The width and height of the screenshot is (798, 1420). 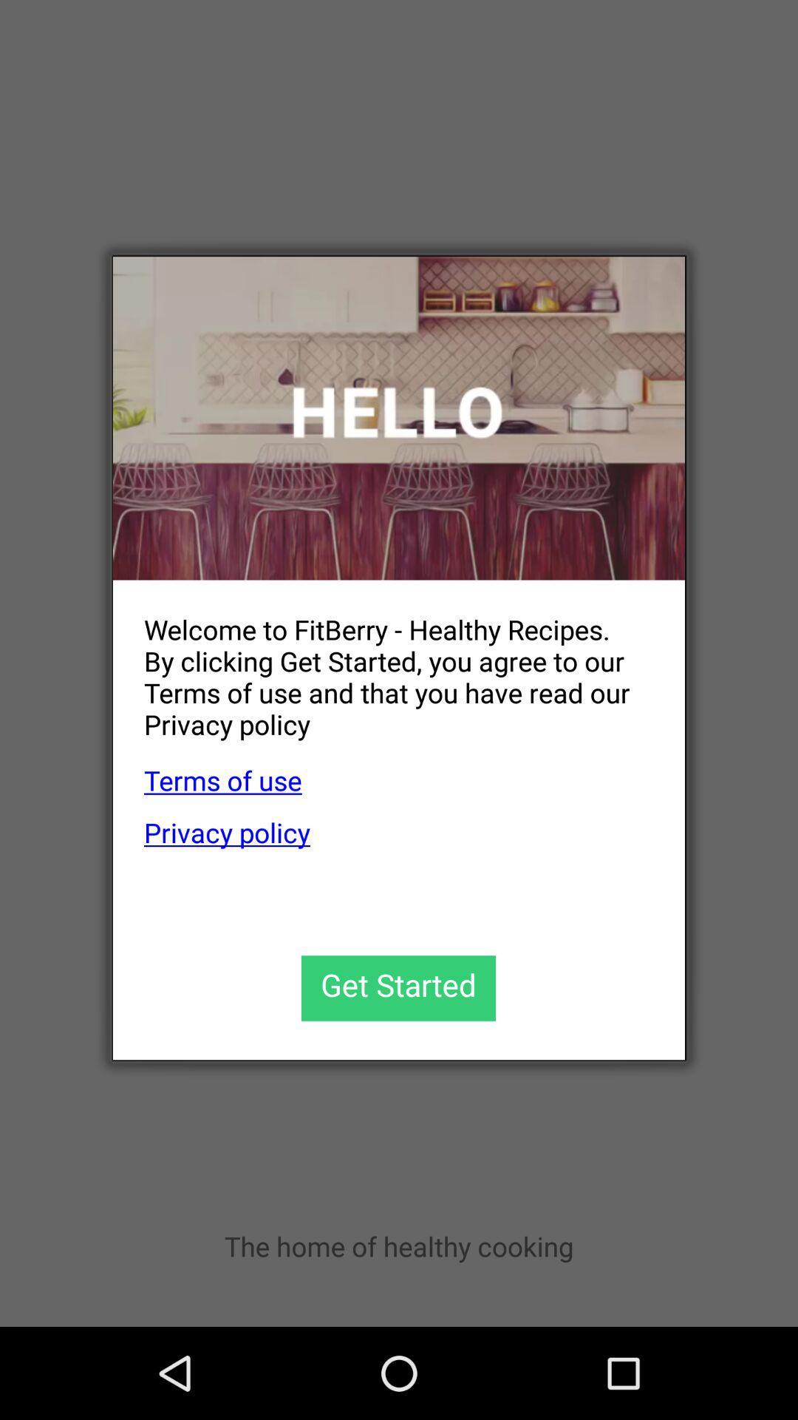 What do you see at coordinates (398, 988) in the screenshot?
I see `get started` at bounding box center [398, 988].